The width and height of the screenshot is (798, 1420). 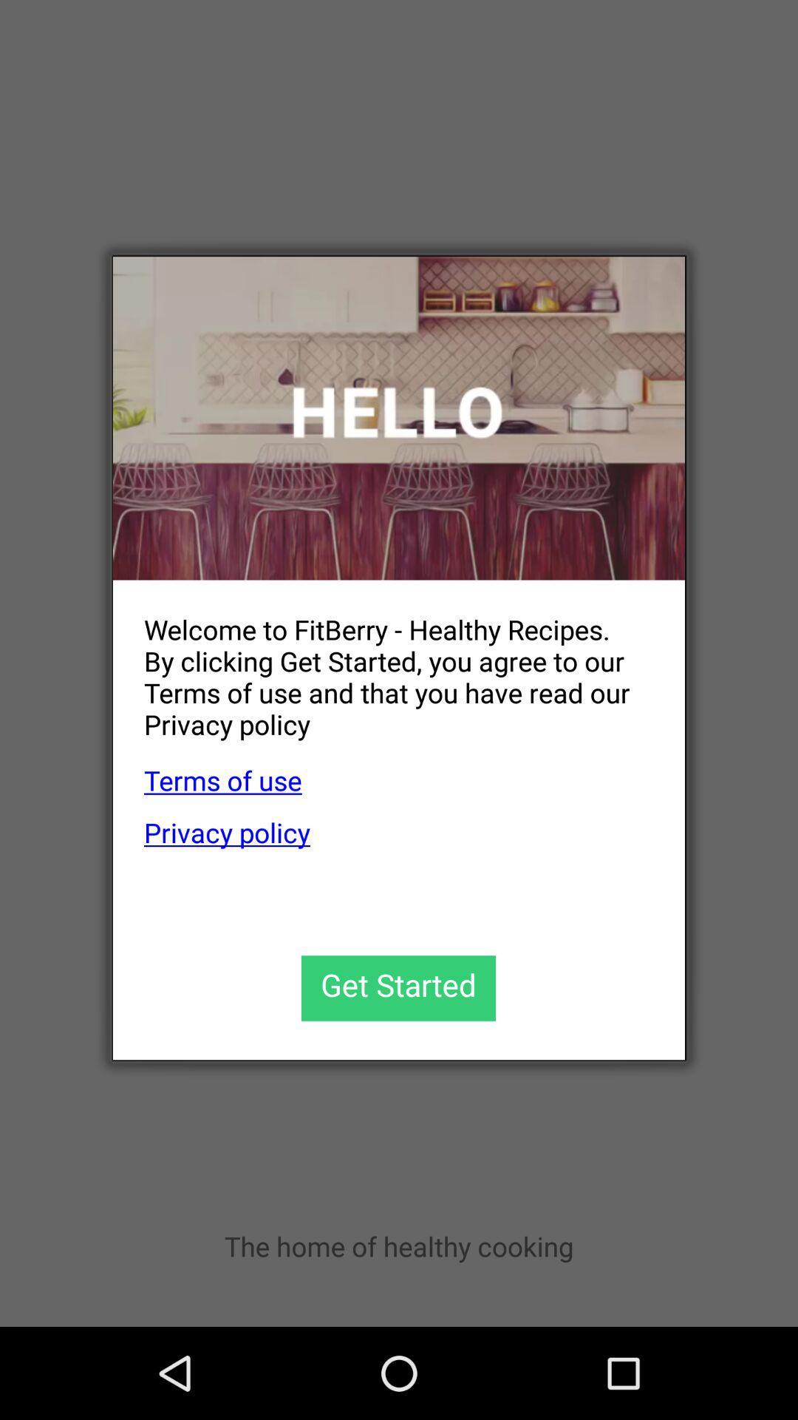 What do you see at coordinates (398, 988) in the screenshot?
I see `get started` at bounding box center [398, 988].